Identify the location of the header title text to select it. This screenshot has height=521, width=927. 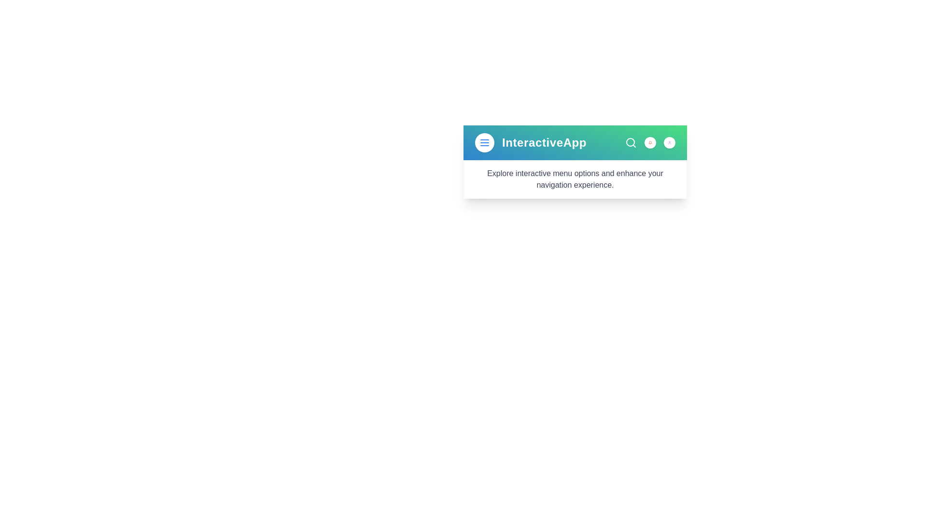
(544, 143).